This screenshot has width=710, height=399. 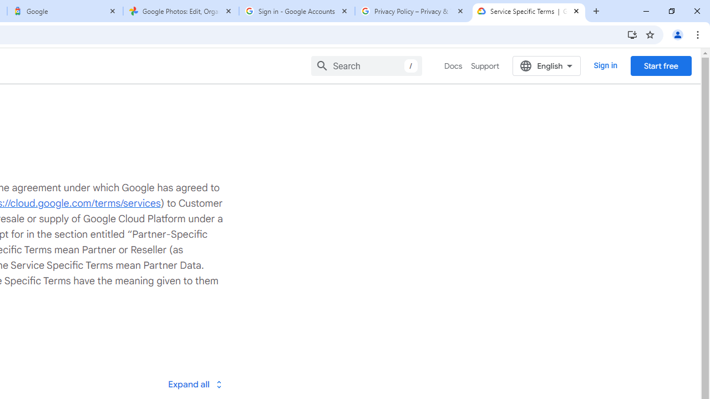 What do you see at coordinates (596, 11) in the screenshot?
I see `'New Tab'` at bounding box center [596, 11].